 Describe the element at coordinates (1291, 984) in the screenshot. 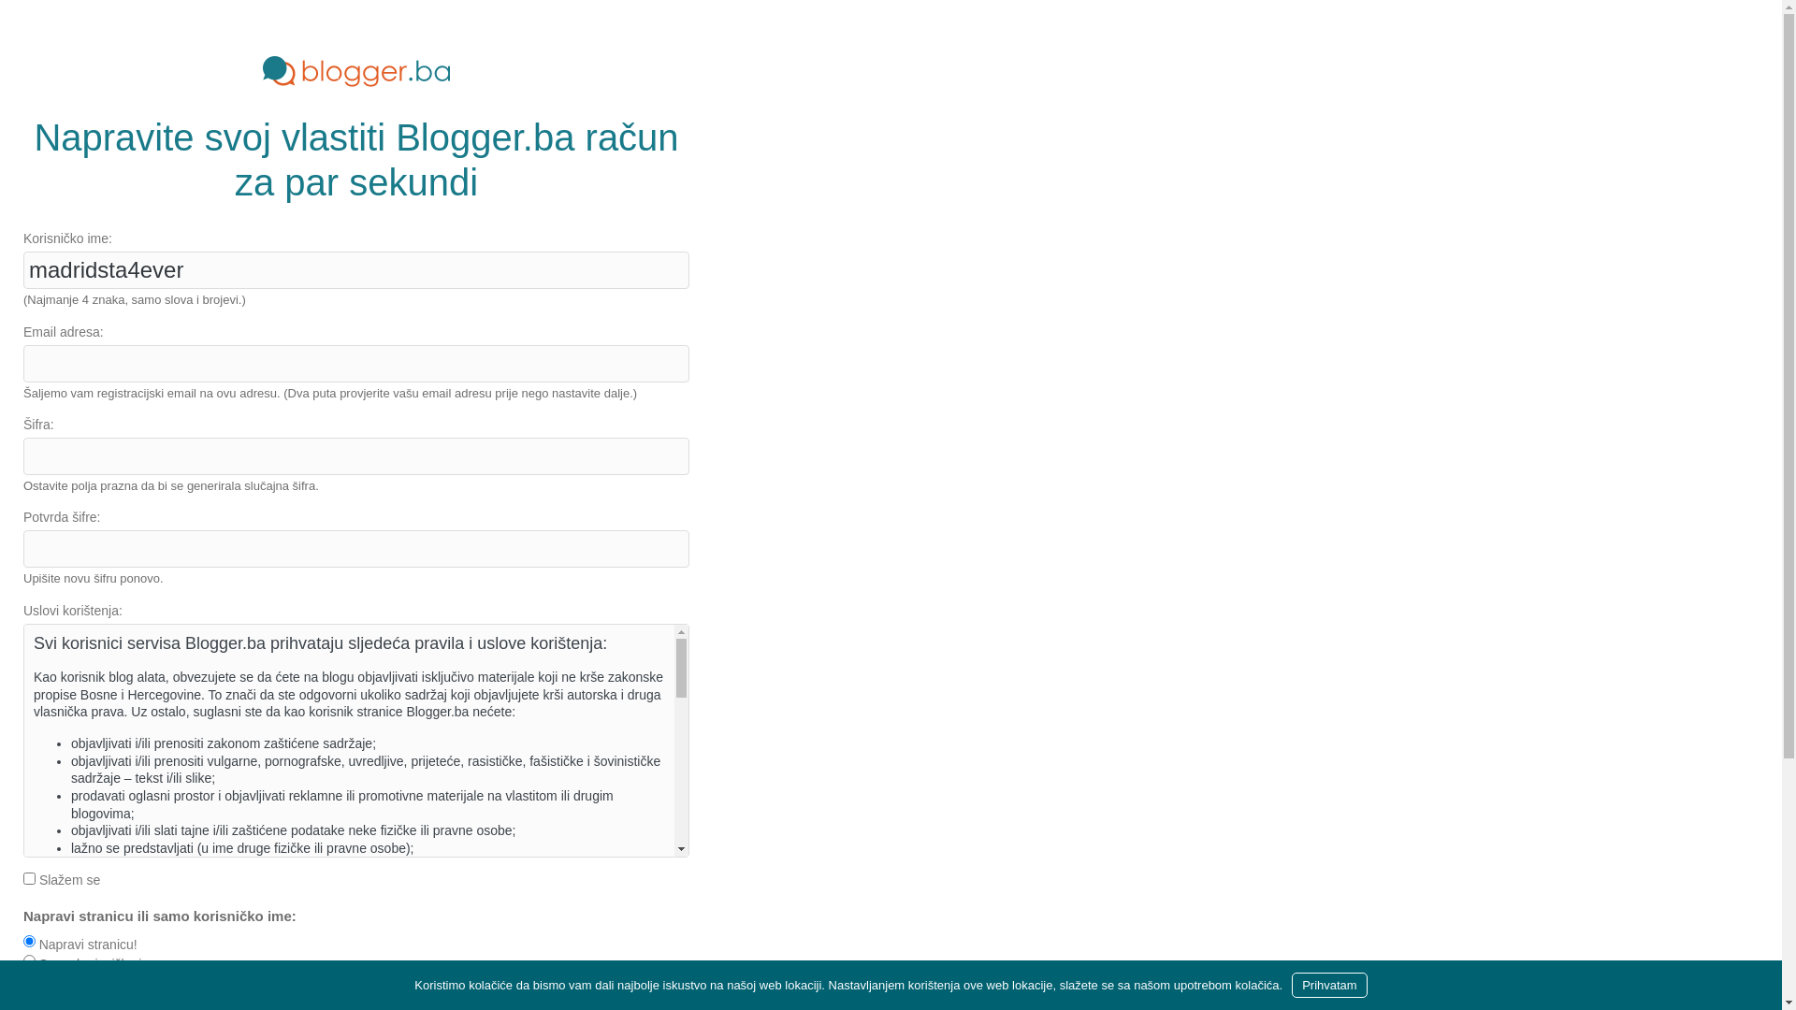

I see `'Prihvatam'` at that location.